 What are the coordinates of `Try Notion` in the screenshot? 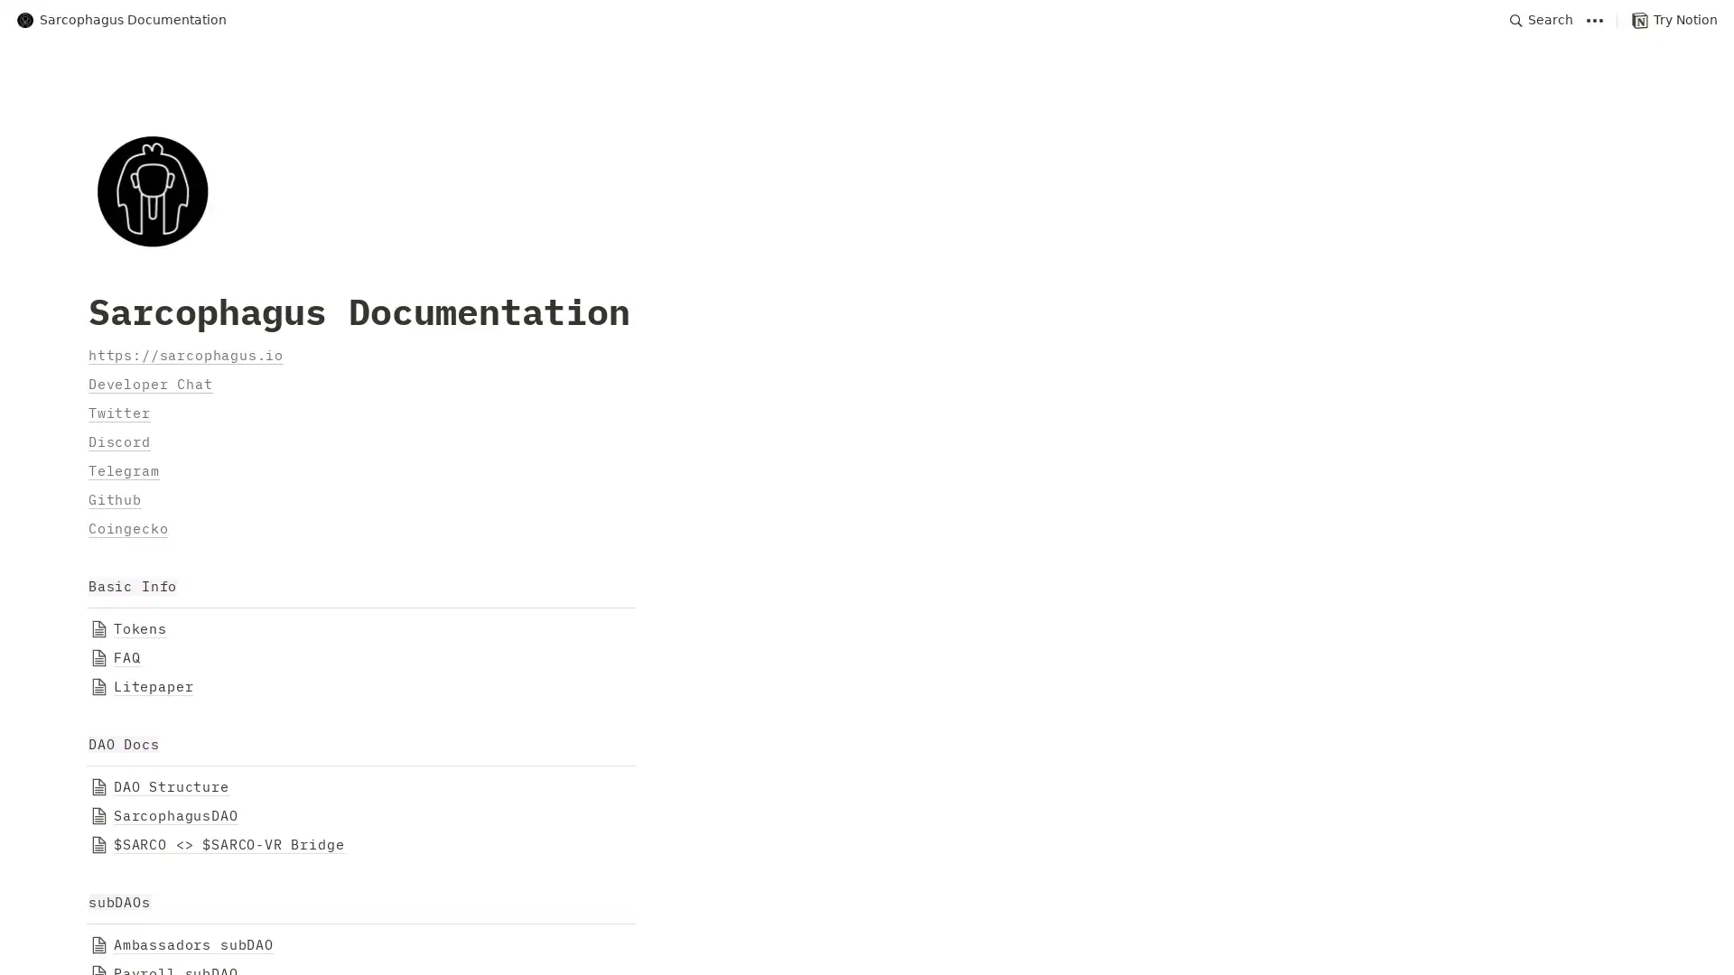 It's located at (1673, 20).